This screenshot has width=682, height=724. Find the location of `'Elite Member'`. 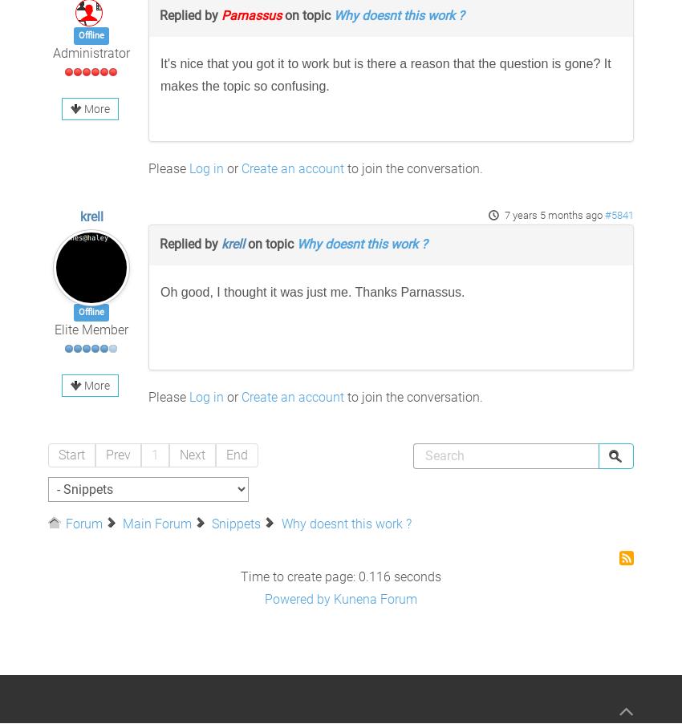

'Elite Member' is located at coordinates (90, 329).